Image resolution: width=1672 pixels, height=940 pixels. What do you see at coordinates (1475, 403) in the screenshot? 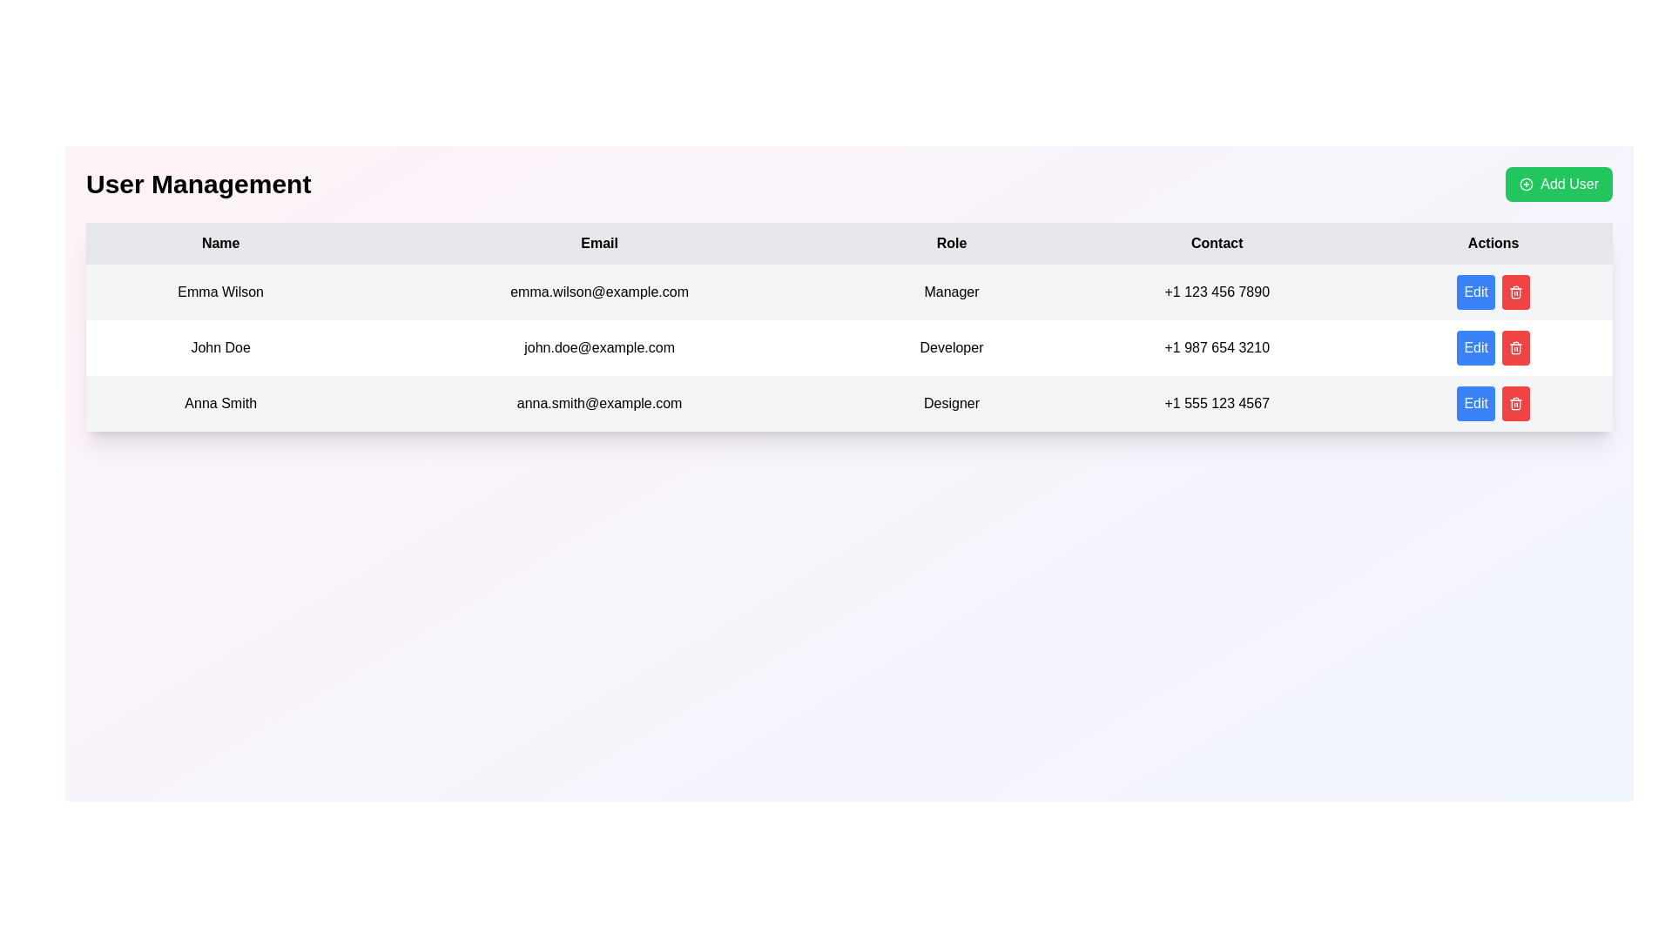
I see `the blue rectangular 'Edit' button with white text in the 'Actions' column corresponding to user 'Anna Smith' to observe the hover effect` at bounding box center [1475, 403].